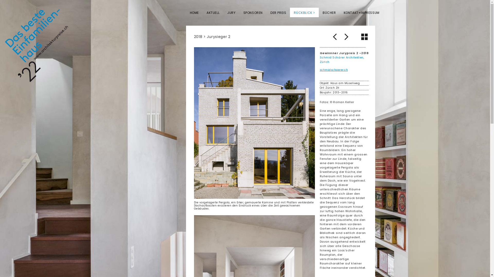 The width and height of the screenshot is (494, 277). What do you see at coordinates (361, 12) in the screenshot?
I see `'KONTAKT+IMPRESSUM'` at bounding box center [361, 12].